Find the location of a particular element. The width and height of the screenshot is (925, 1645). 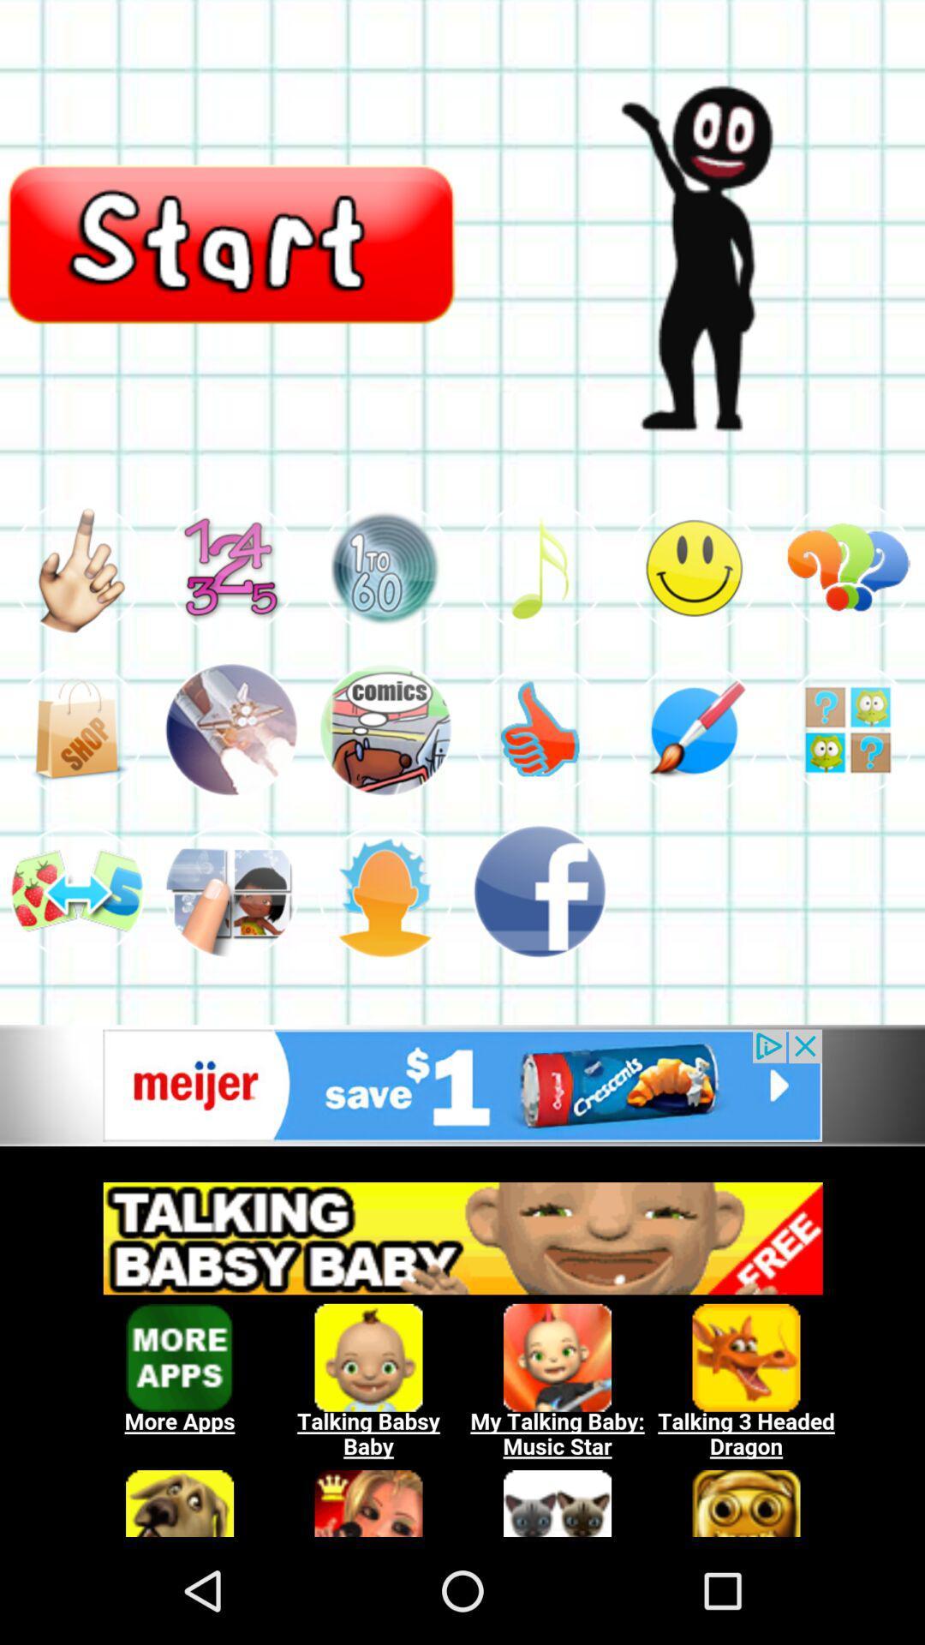

choose this is located at coordinates (385, 567).